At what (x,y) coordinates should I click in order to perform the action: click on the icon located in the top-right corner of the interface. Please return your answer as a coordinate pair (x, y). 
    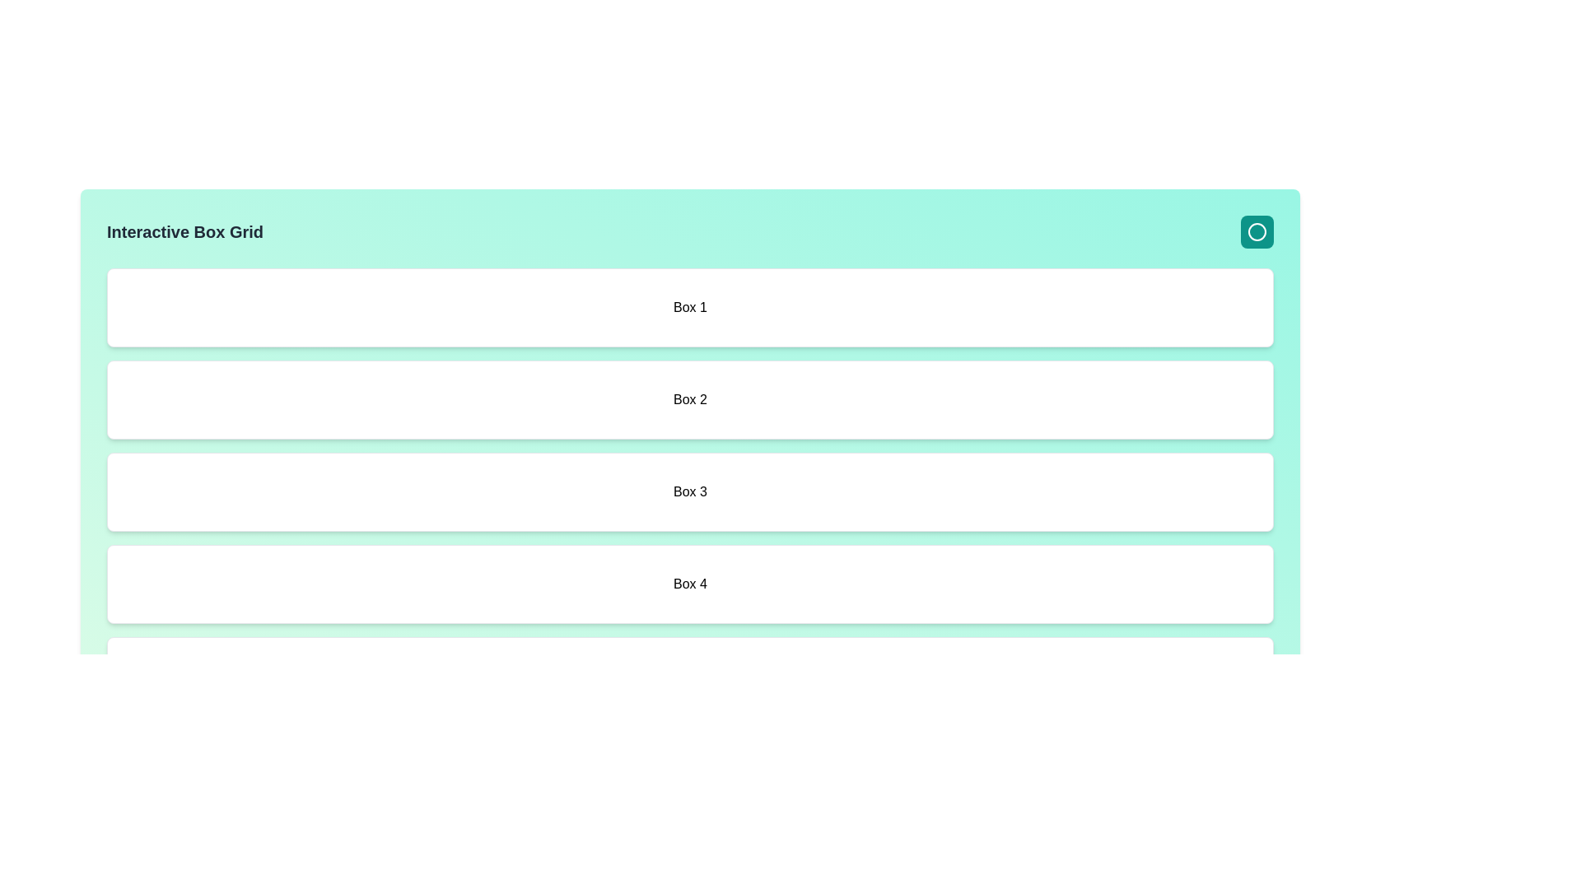
    Looking at the image, I should click on (1256, 231).